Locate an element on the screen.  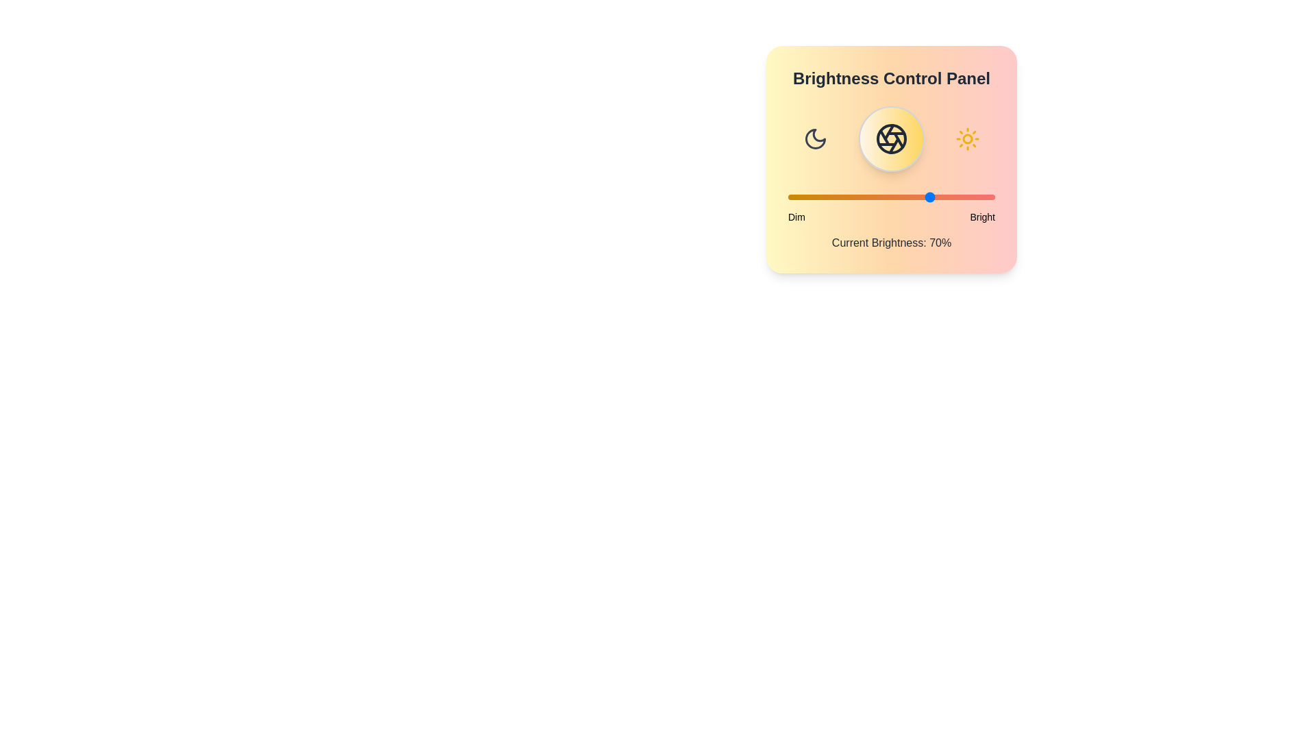
the sun icon to provide visual feedback is located at coordinates (966, 139).